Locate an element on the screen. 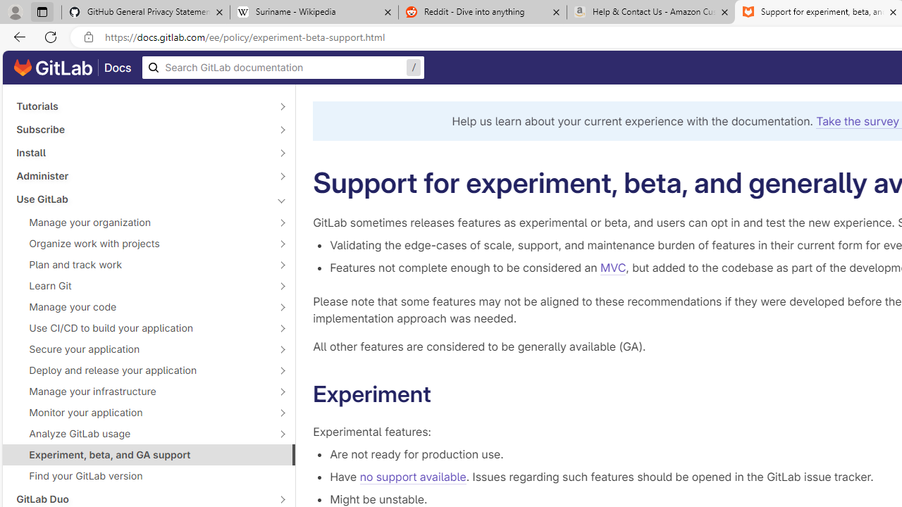 Image resolution: width=902 pixels, height=507 pixels. 'MVC' is located at coordinates (613, 268).